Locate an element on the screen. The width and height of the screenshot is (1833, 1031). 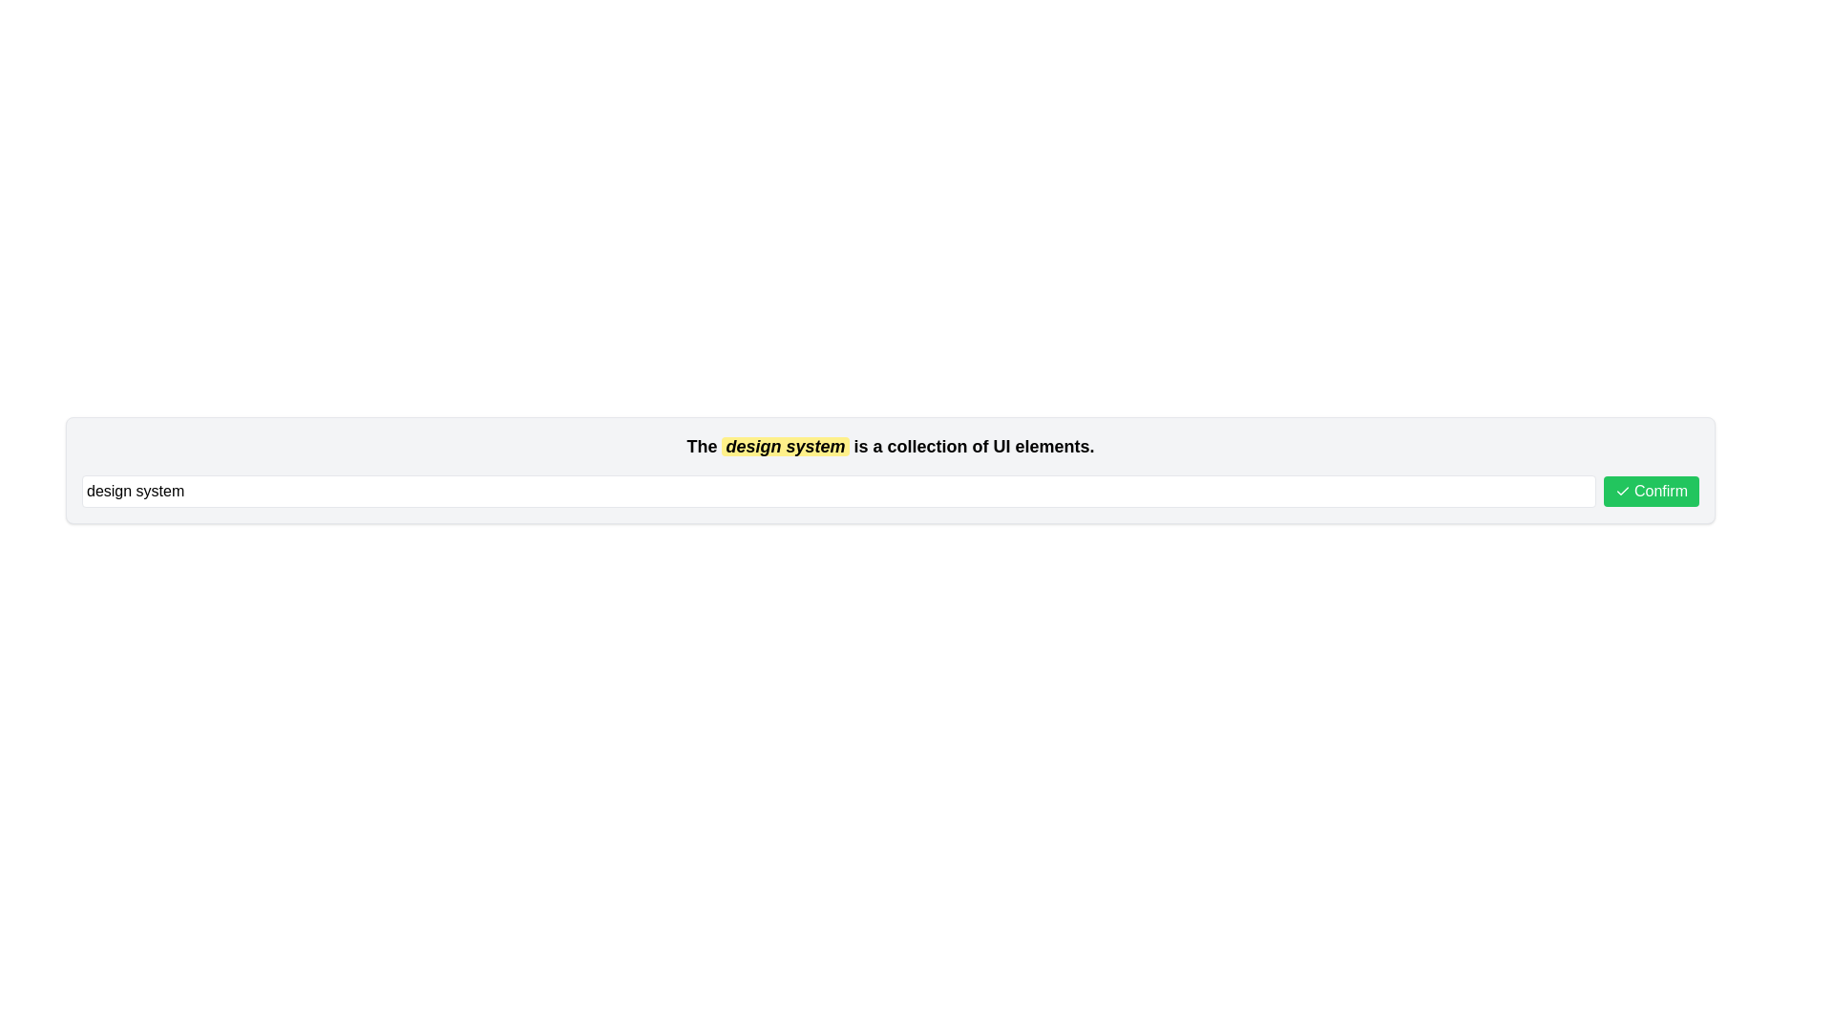
italicized text 'design system' highlighted with a yellow background and rounded corners, located in the middle of the sentence 'The design system is a collection of UI elements.' is located at coordinates (785, 446).